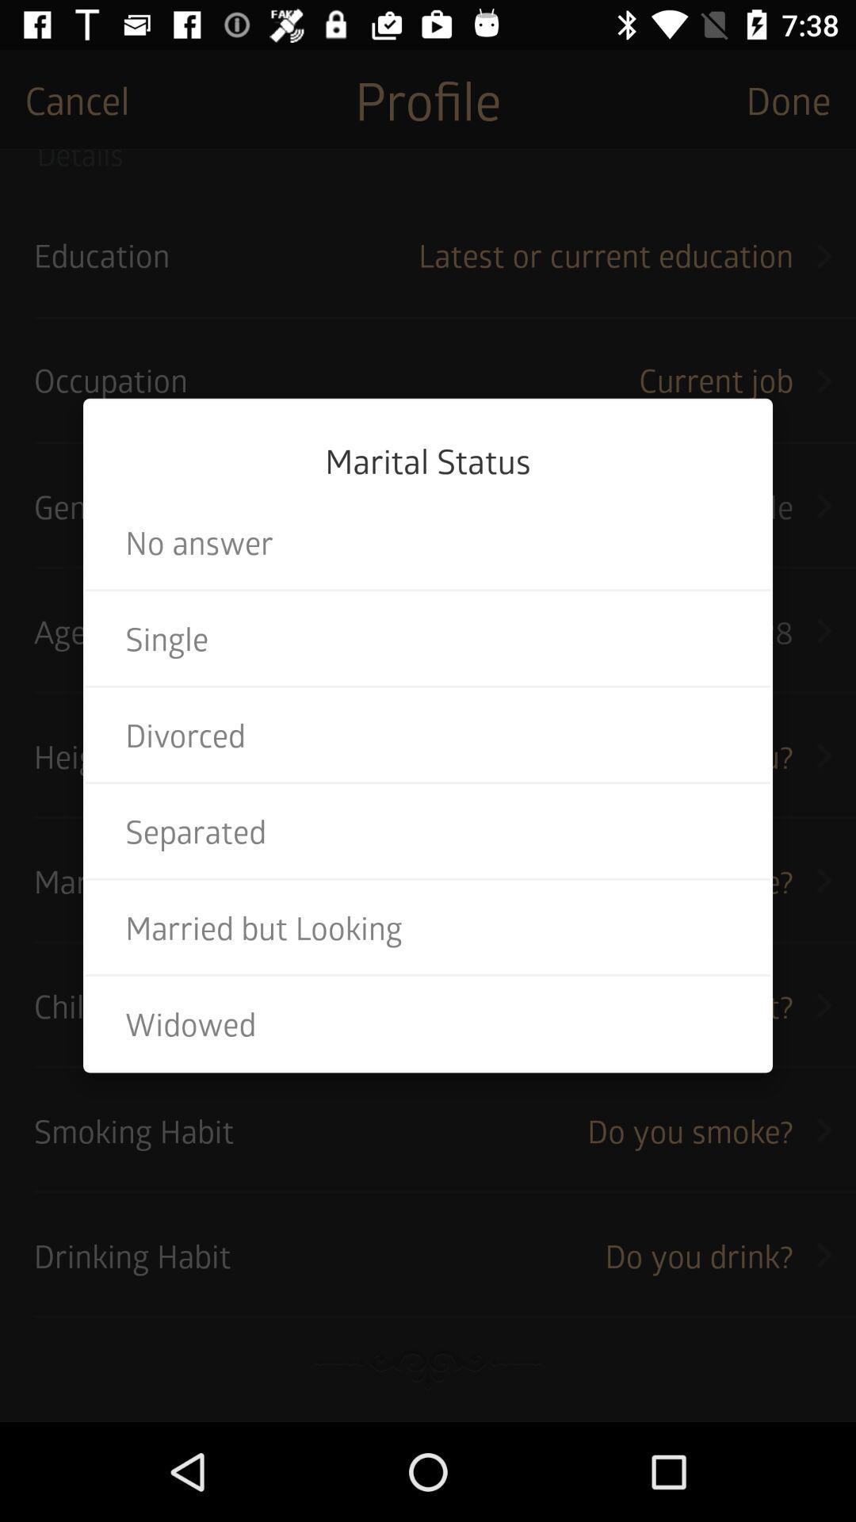  What do you see at coordinates (428, 542) in the screenshot?
I see `the item below marital status item` at bounding box center [428, 542].